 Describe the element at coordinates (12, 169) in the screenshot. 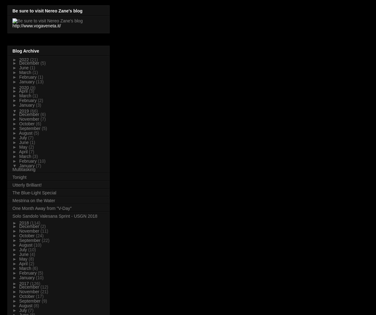

I see `'Multitasking'` at that location.